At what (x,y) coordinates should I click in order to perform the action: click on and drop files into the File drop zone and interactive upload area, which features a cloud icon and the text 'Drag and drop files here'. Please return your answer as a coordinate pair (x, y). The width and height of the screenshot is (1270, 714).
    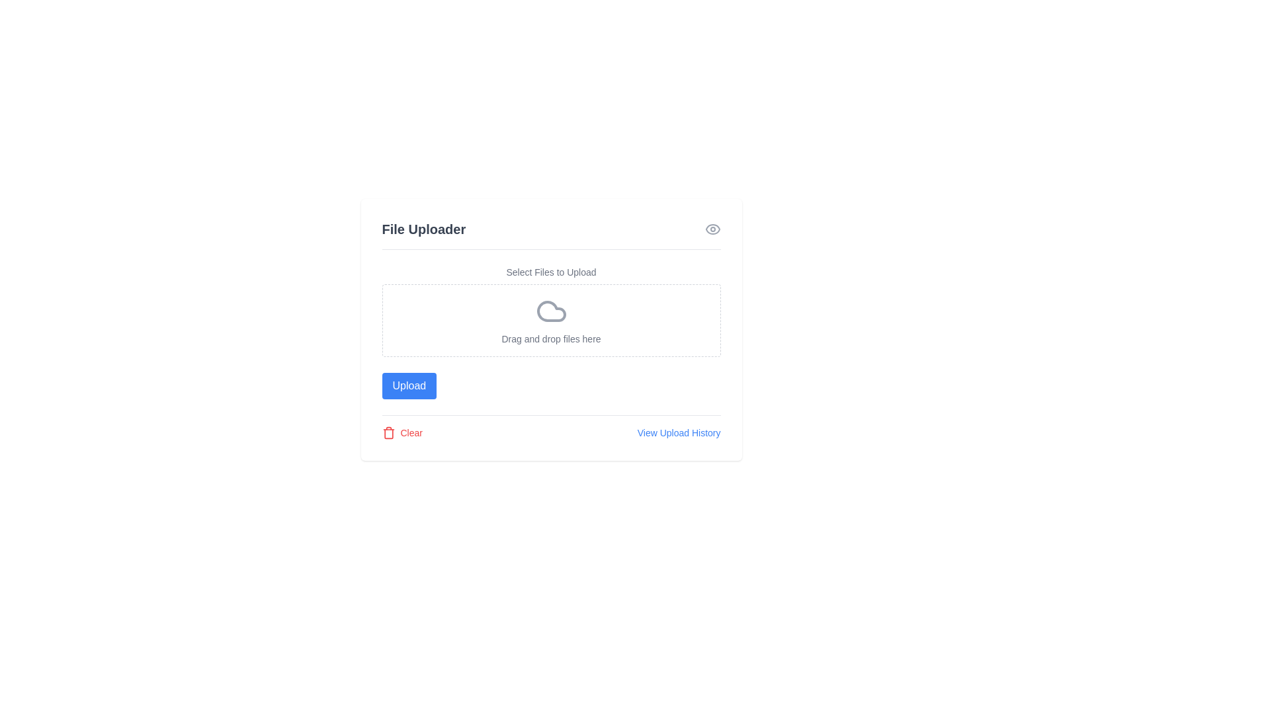
    Looking at the image, I should click on (551, 311).